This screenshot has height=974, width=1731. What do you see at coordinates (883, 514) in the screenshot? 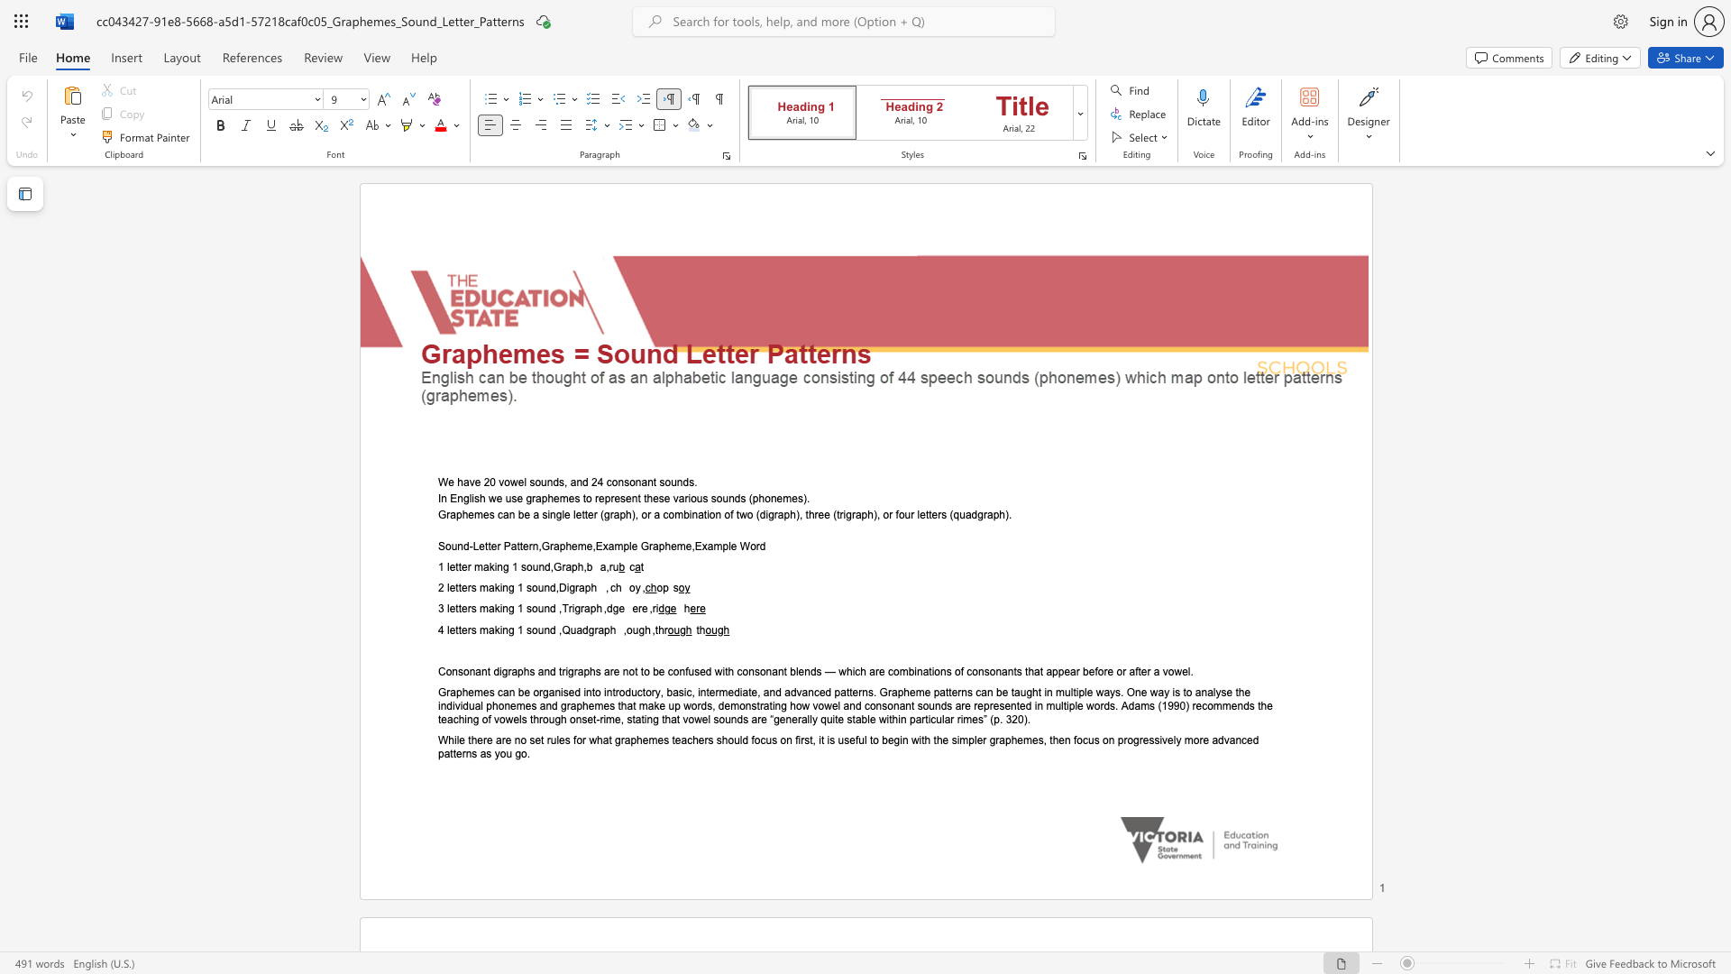
I see `the subset text "or four let" within the text "Graphemes can be a single letter (graph), or a combination of two (digraph), three (trigraph), or four letters (quadgraph)."` at bounding box center [883, 514].